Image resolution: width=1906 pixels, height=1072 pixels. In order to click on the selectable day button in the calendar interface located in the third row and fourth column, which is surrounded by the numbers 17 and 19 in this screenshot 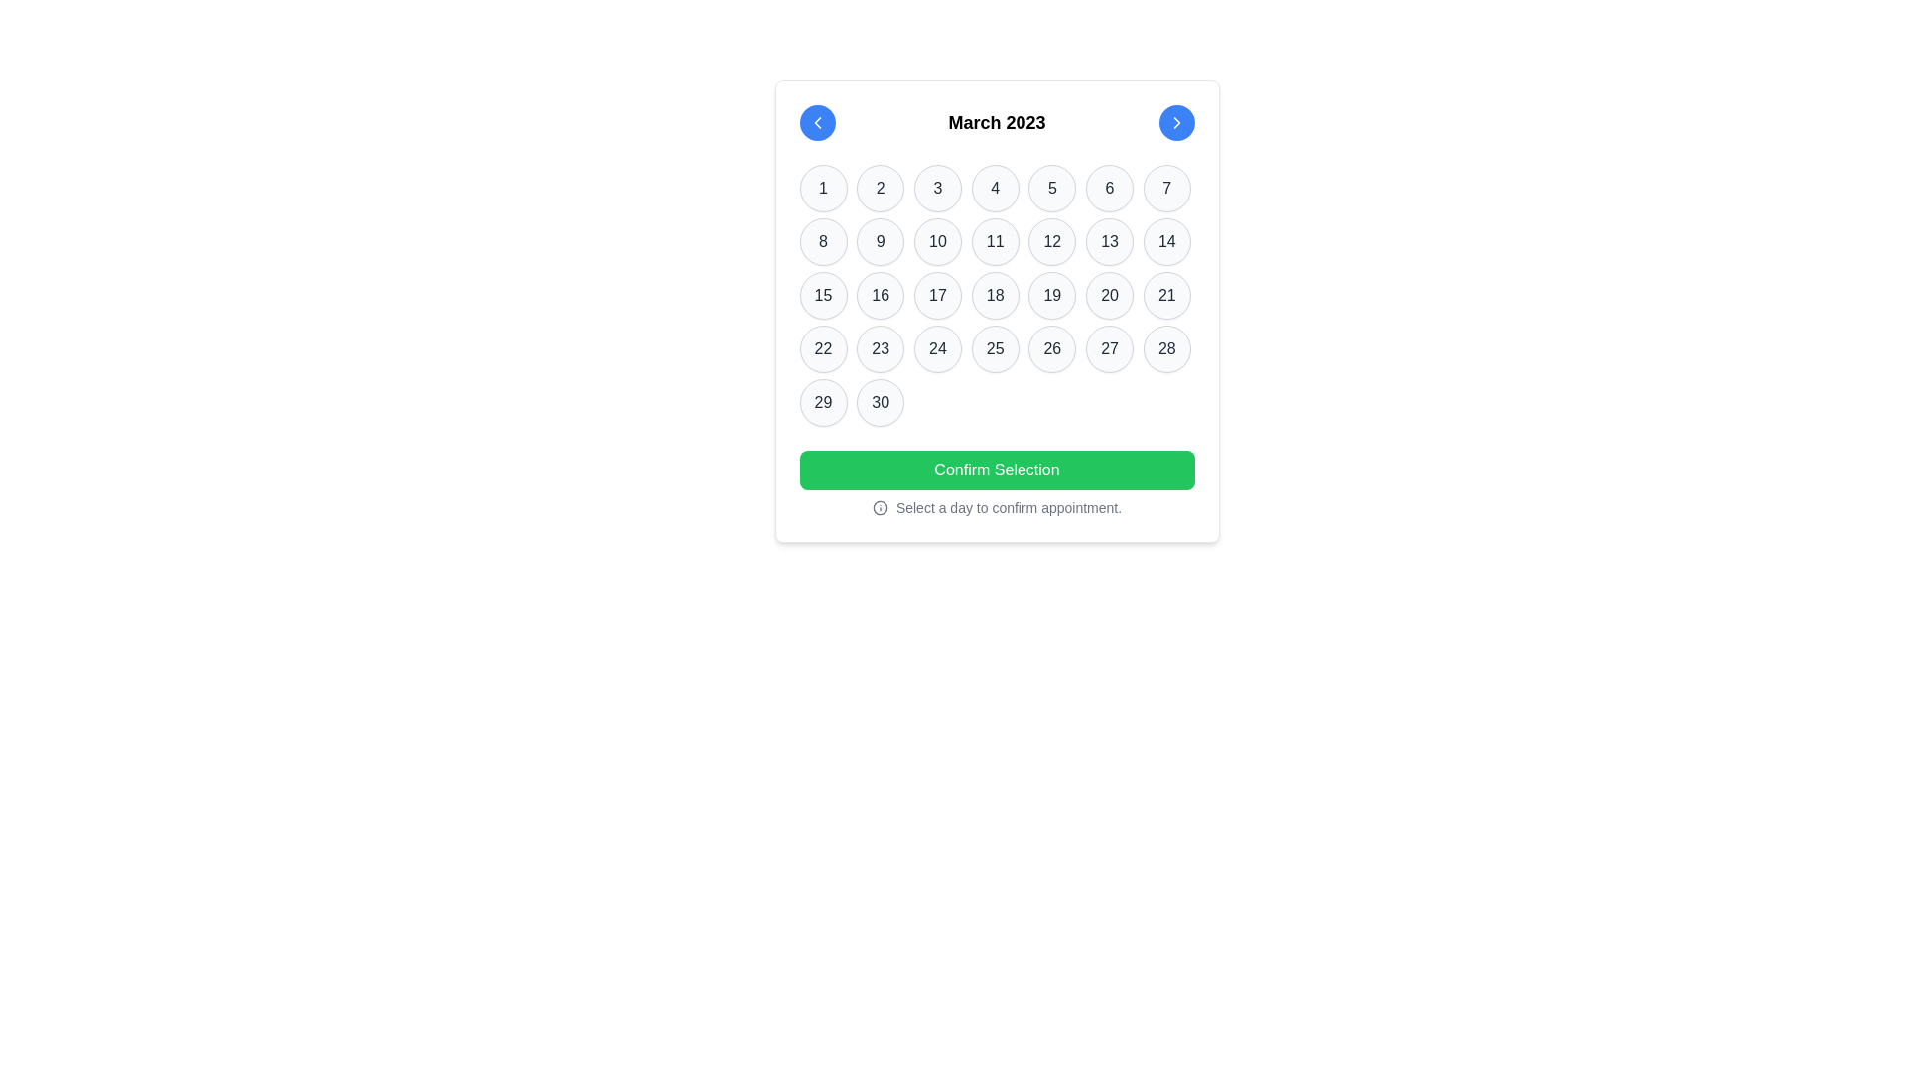, I will do `click(995, 295)`.